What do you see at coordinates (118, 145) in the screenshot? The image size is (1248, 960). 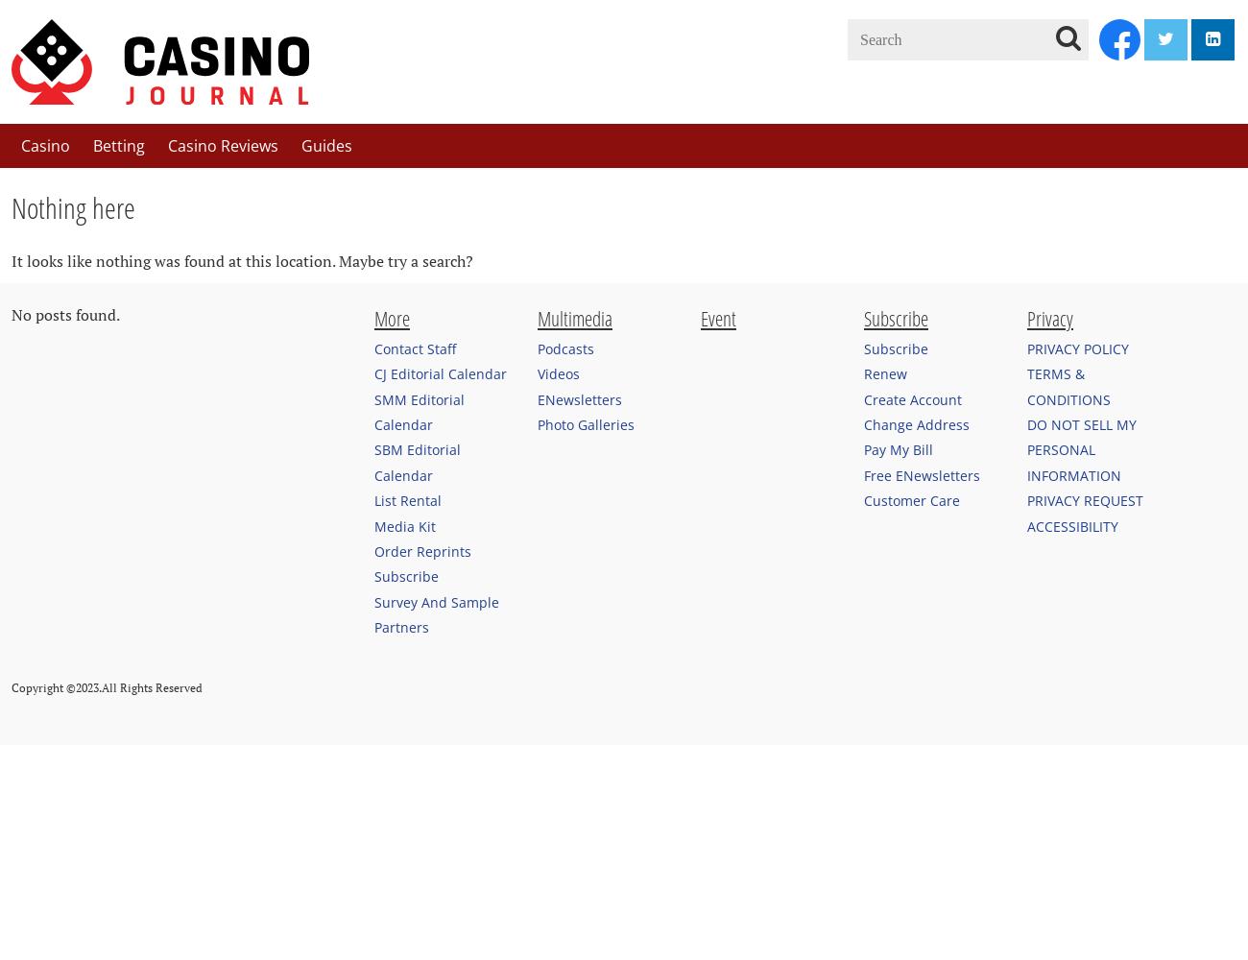 I see `'Betting'` at bounding box center [118, 145].